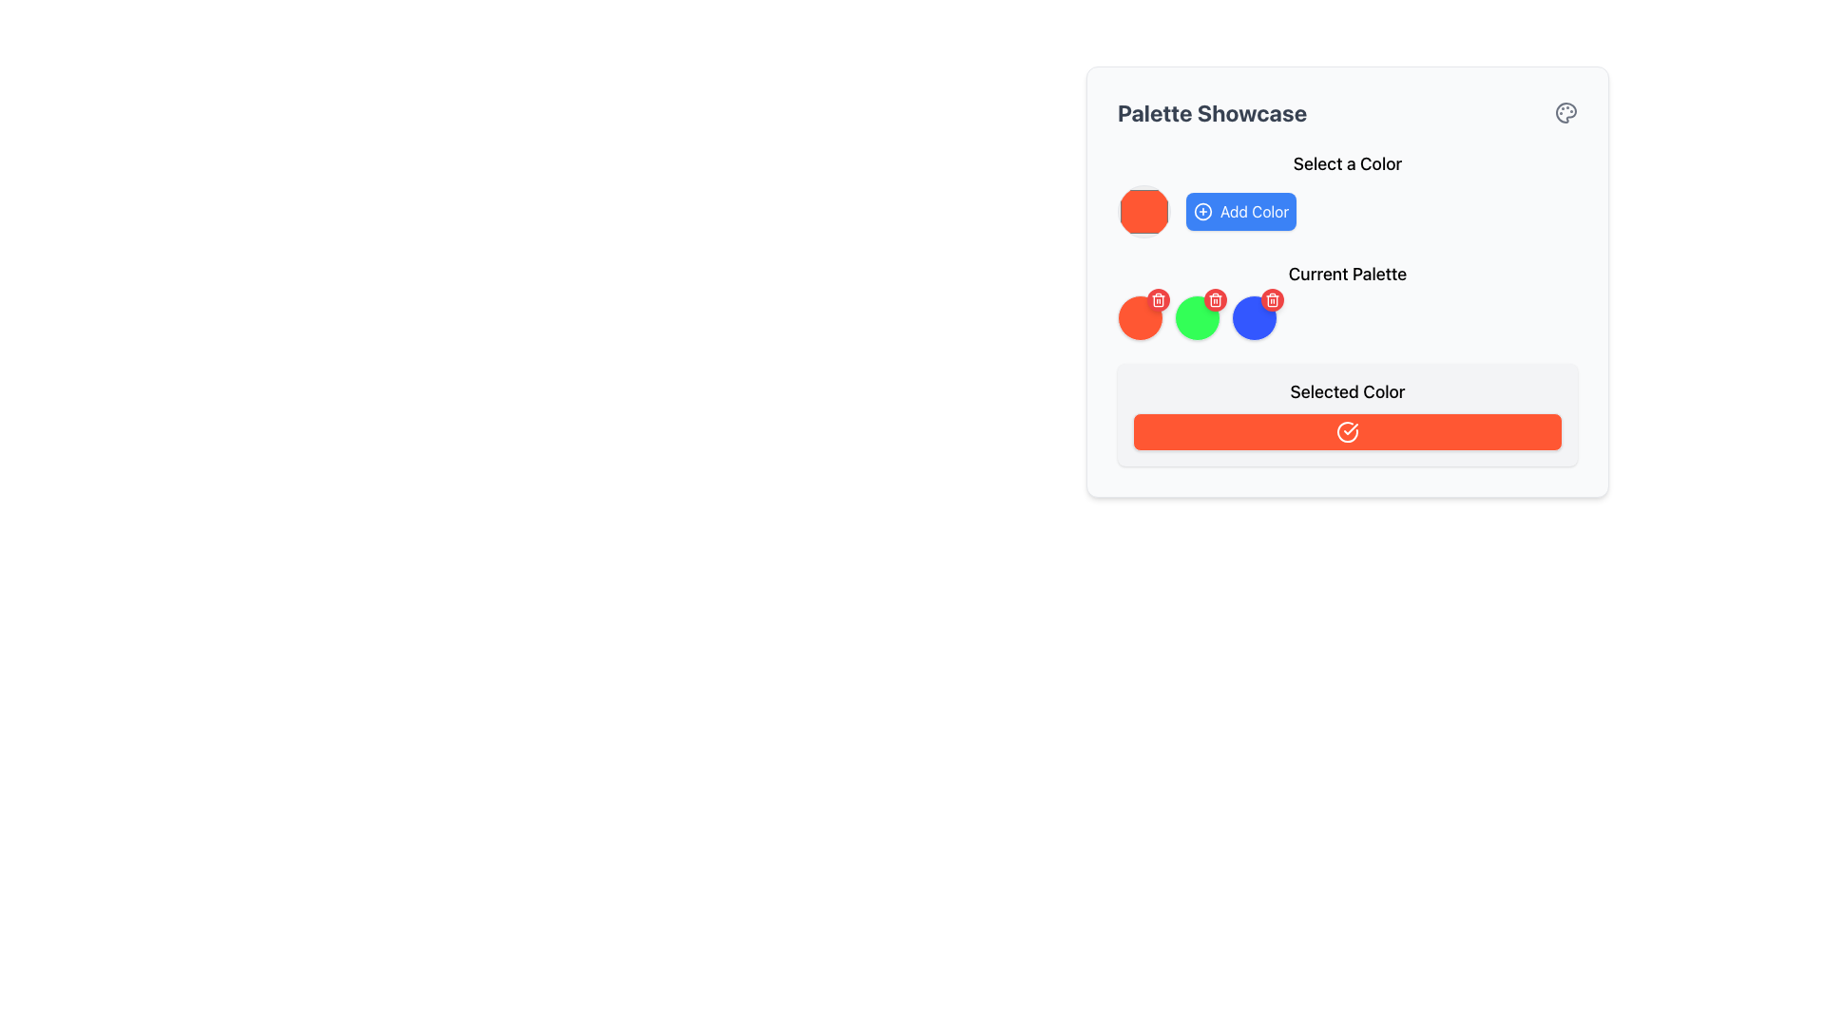 This screenshot has height=1026, width=1825. What do you see at coordinates (1346, 163) in the screenshot?
I see `text of the label positioned at the top of the color selection interface, which serves as a title or cue for the section` at bounding box center [1346, 163].